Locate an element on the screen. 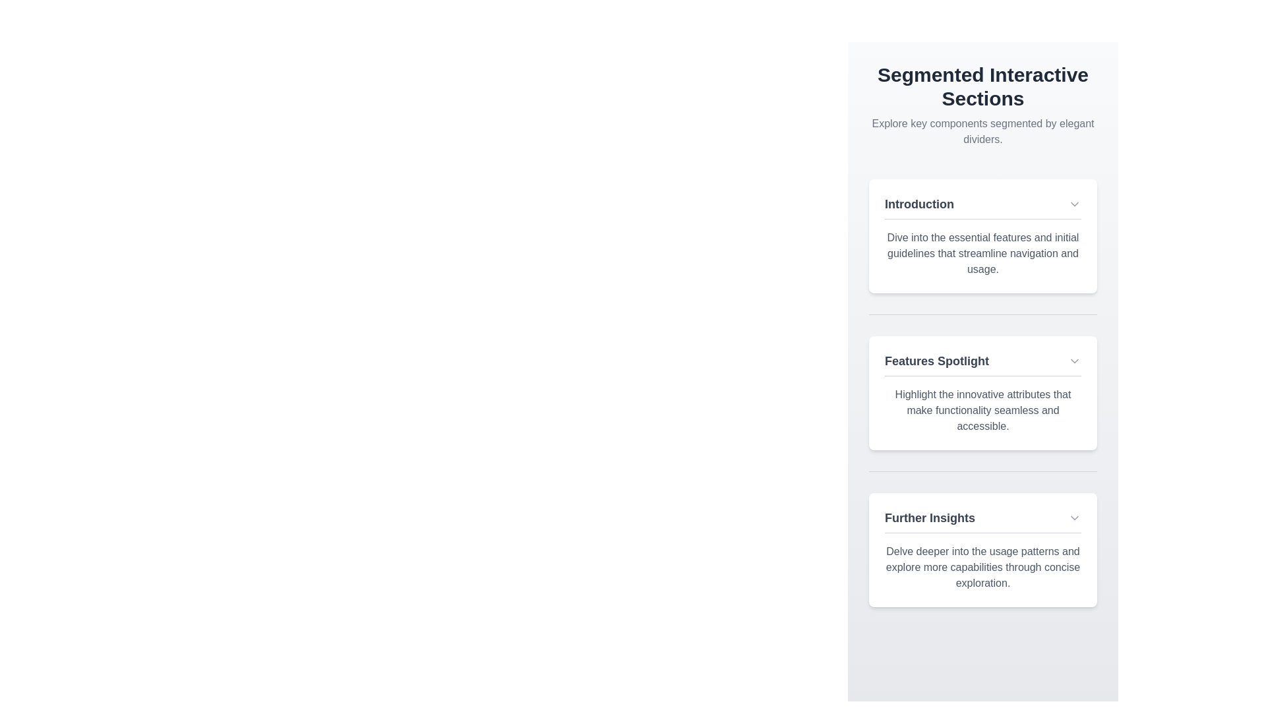 Image resolution: width=1266 pixels, height=712 pixels. plain text located in the 'Features Spotlight' section, which summarizes its content or purpose and is positioned directly beneath the section title is located at coordinates (983, 410).